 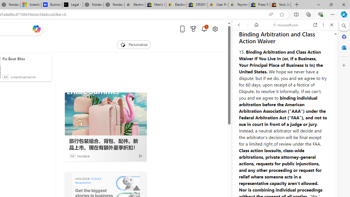 I want to click on 'microsoft.com', so click(x=285, y=25).